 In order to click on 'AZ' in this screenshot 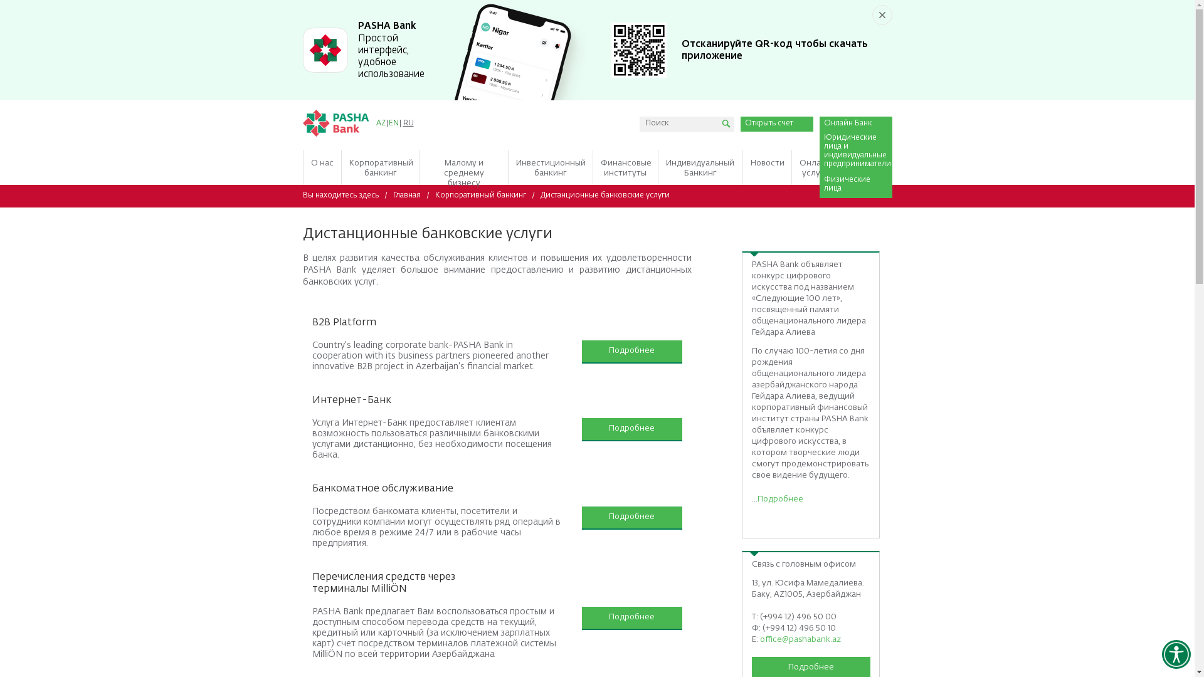, I will do `click(379, 123)`.